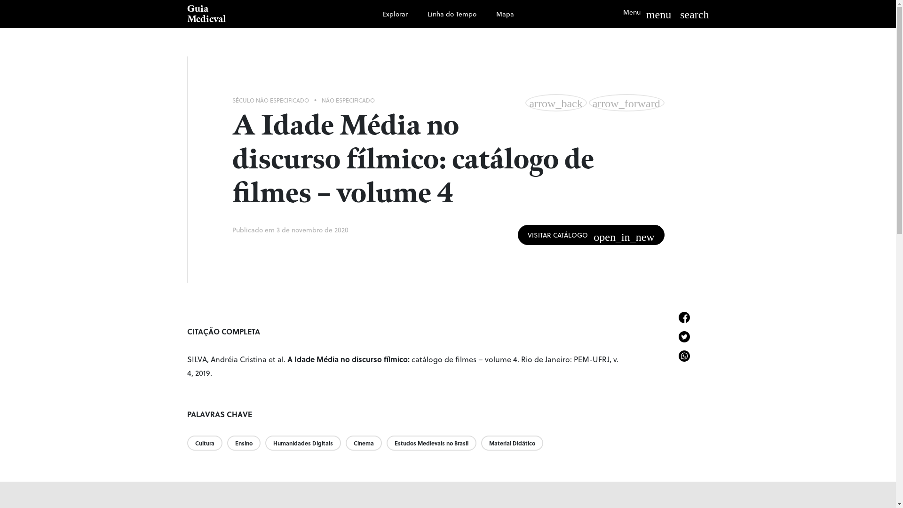 This screenshot has width=903, height=508. Describe the element at coordinates (433, 442) in the screenshot. I see `'Estudos Medievais no Brasil'` at that location.